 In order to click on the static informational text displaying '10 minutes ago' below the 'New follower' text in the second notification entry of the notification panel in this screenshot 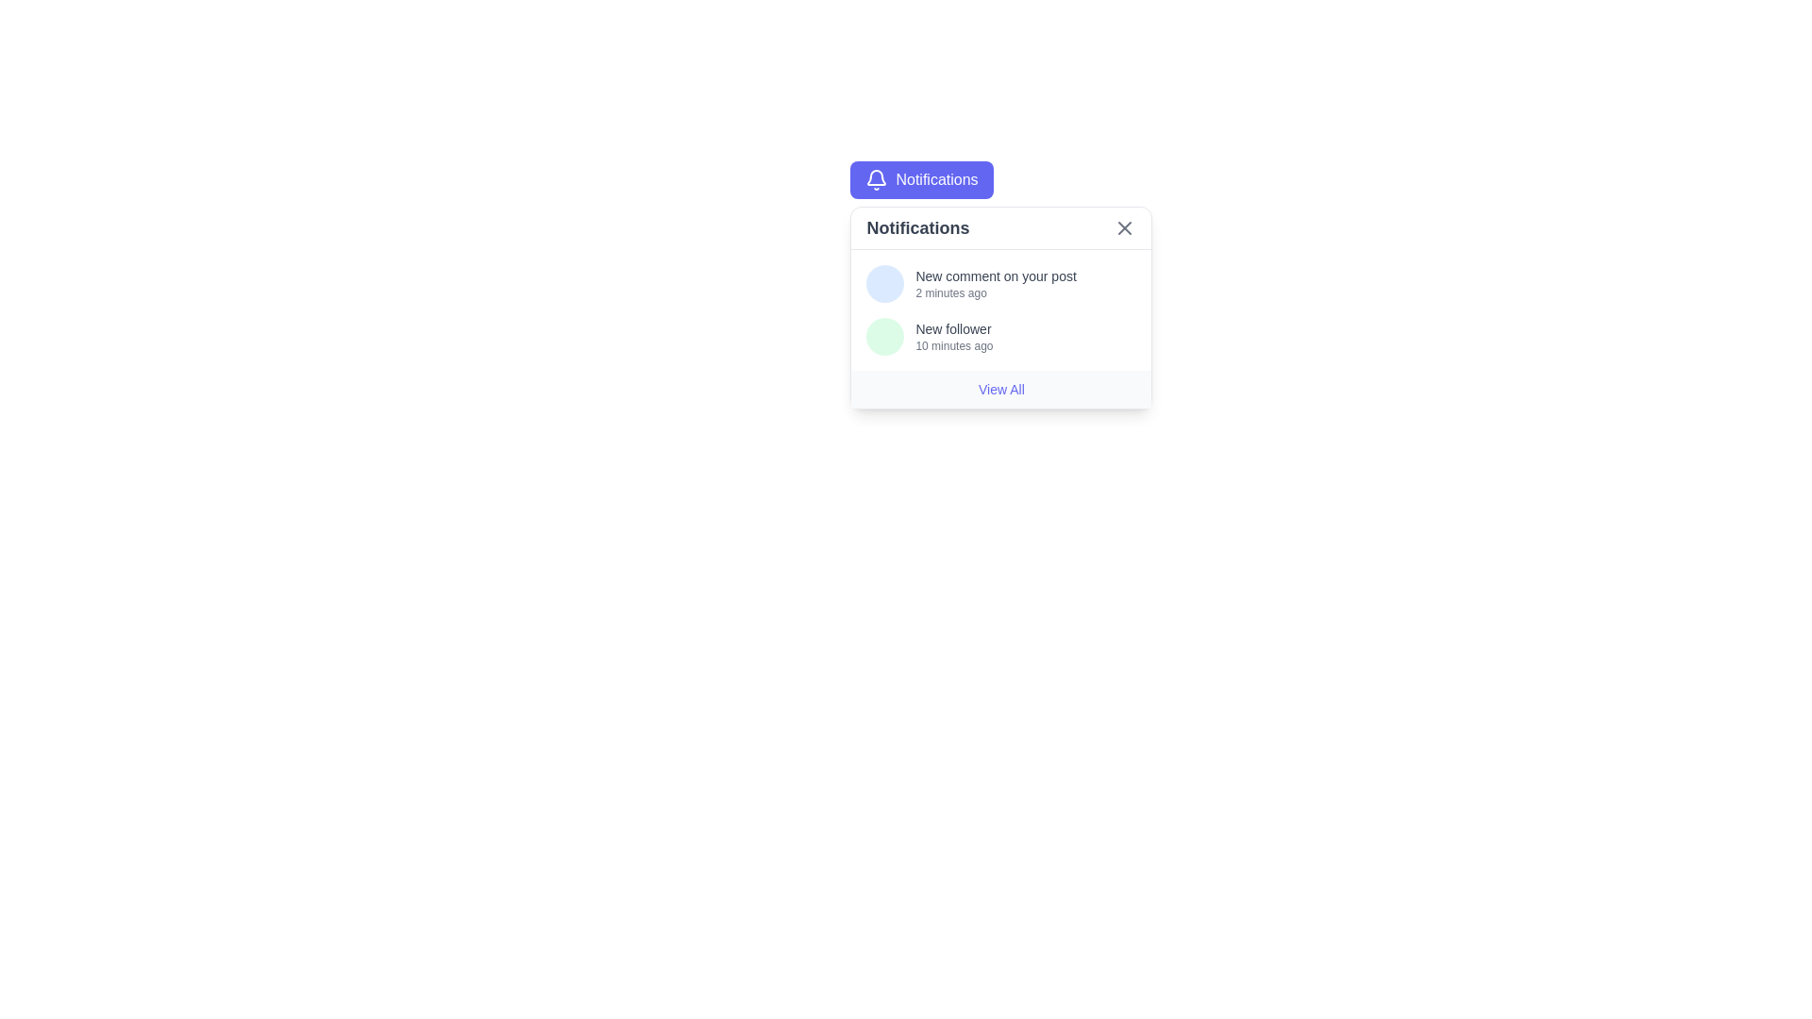, I will do `click(954, 345)`.